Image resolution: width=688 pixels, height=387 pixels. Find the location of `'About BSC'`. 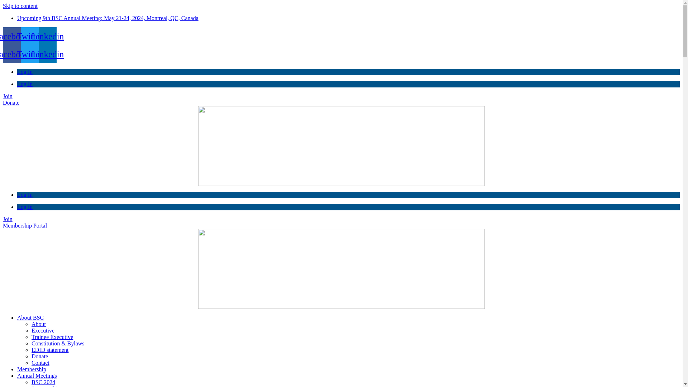

'About BSC' is located at coordinates (17, 317).